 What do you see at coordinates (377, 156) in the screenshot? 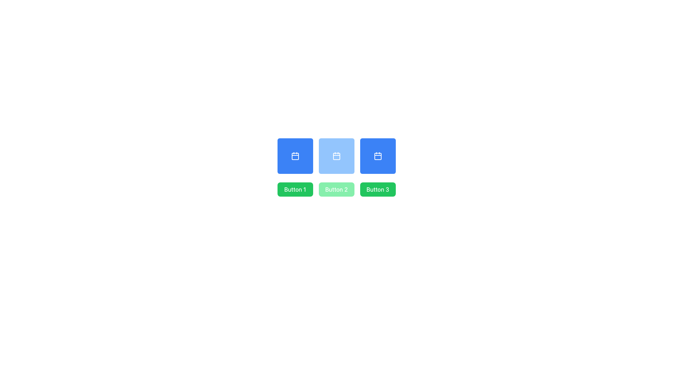
I see `the calendar icon, which is the third button in a horizontal group of three buttons located to the far right` at bounding box center [377, 156].